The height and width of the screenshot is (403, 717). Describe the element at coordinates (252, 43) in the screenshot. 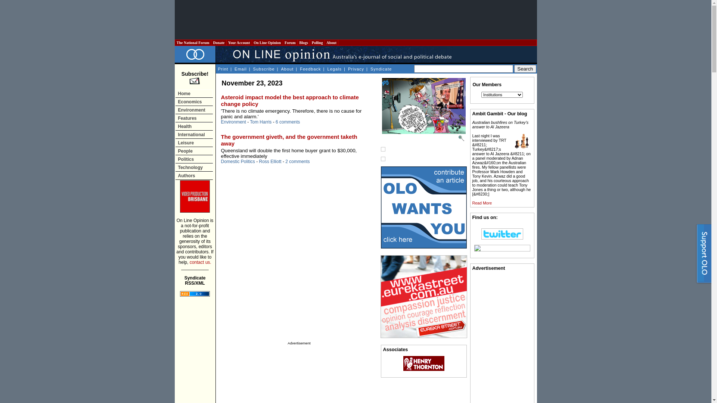

I see `' On Line Opinion '` at that location.